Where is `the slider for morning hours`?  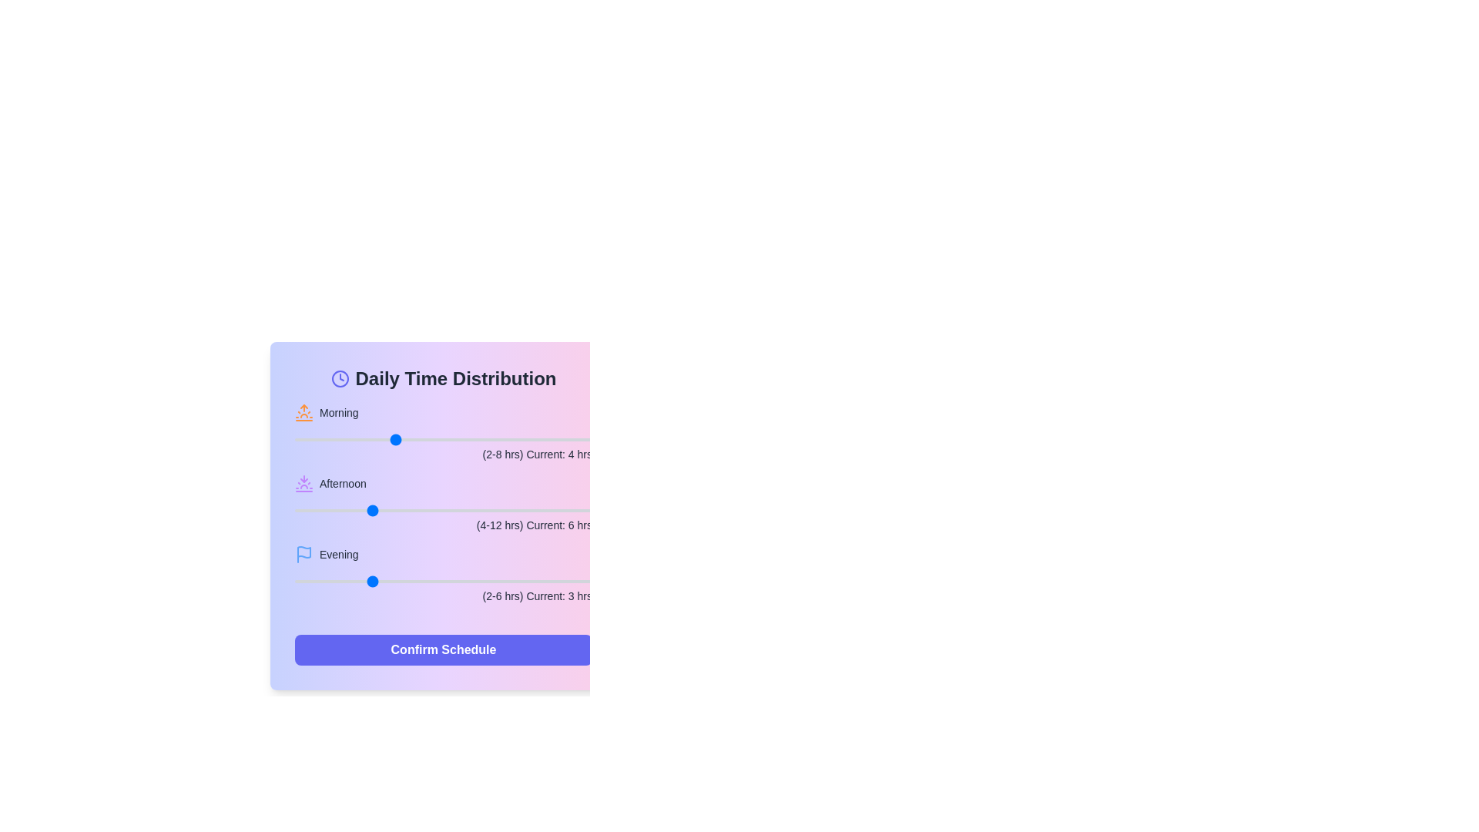
the slider for morning hours is located at coordinates (493, 439).